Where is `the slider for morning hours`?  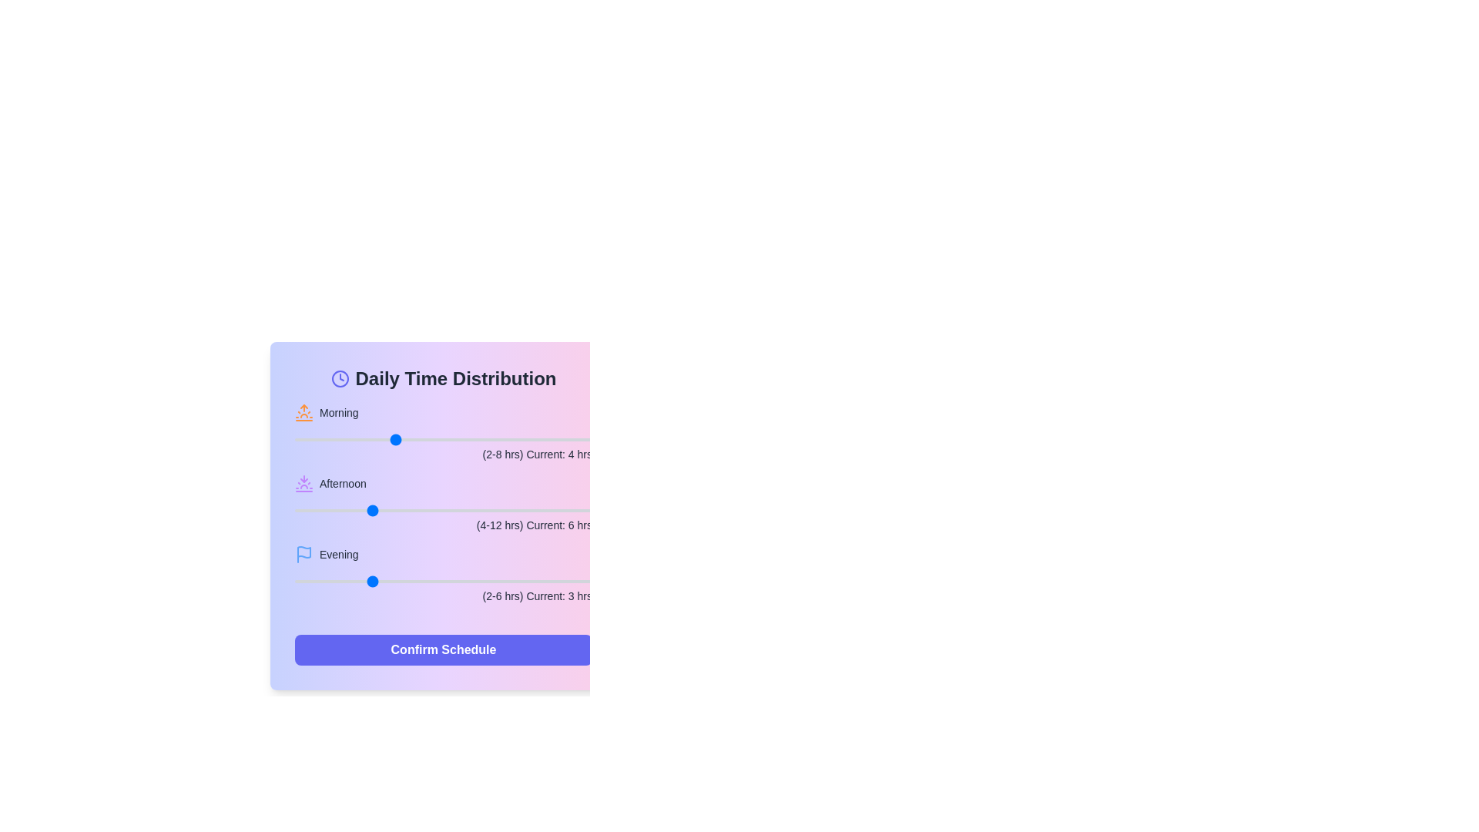
the slider for morning hours is located at coordinates (493, 439).